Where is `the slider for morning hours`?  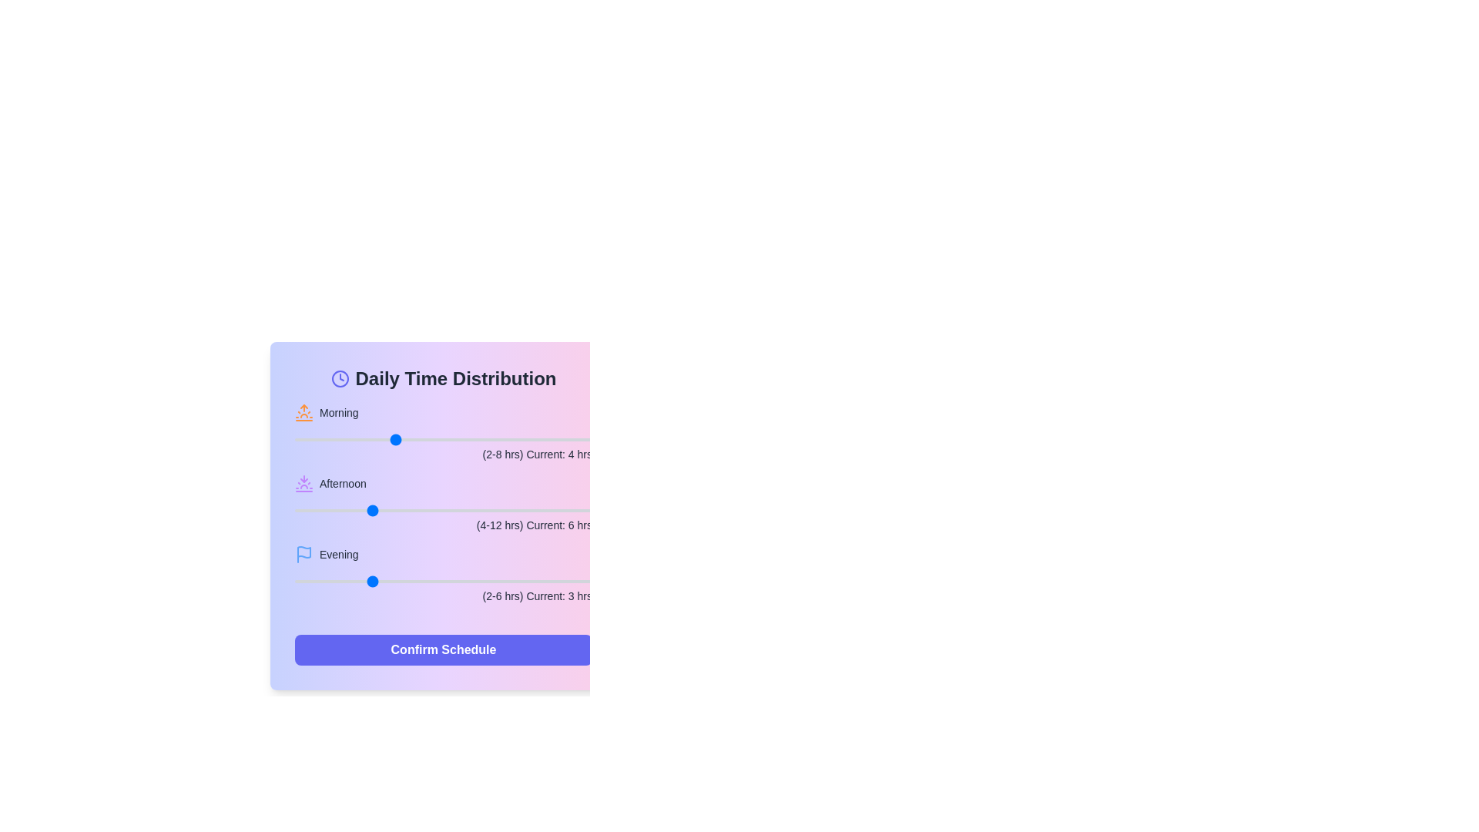
the slider for morning hours is located at coordinates (493, 439).